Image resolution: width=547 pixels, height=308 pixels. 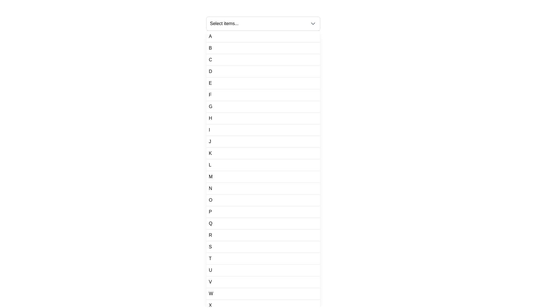 What do you see at coordinates (210, 247) in the screenshot?
I see `the selectable item displaying the text 'S' in the dropdown menu` at bounding box center [210, 247].